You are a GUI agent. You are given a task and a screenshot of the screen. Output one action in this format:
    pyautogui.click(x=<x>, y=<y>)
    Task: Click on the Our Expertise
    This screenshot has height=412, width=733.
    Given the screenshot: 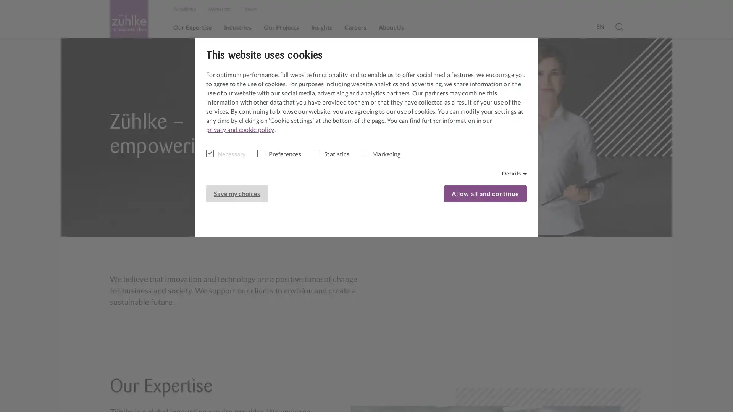 What is the action you would take?
    pyautogui.click(x=192, y=27)
    